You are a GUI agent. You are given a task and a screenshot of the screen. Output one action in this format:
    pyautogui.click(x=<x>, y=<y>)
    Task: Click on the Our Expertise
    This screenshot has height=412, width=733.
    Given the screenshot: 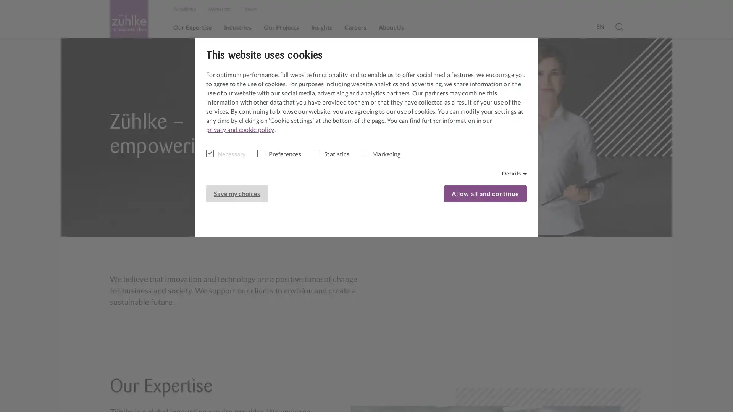 What is the action you would take?
    pyautogui.click(x=192, y=27)
    